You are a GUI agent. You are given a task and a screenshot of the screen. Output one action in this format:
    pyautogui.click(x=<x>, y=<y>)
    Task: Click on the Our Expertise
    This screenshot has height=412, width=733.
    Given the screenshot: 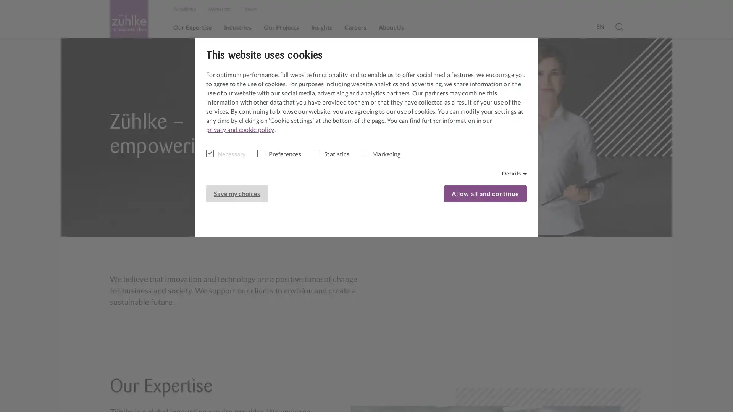 What is the action you would take?
    pyautogui.click(x=192, y=27)
    